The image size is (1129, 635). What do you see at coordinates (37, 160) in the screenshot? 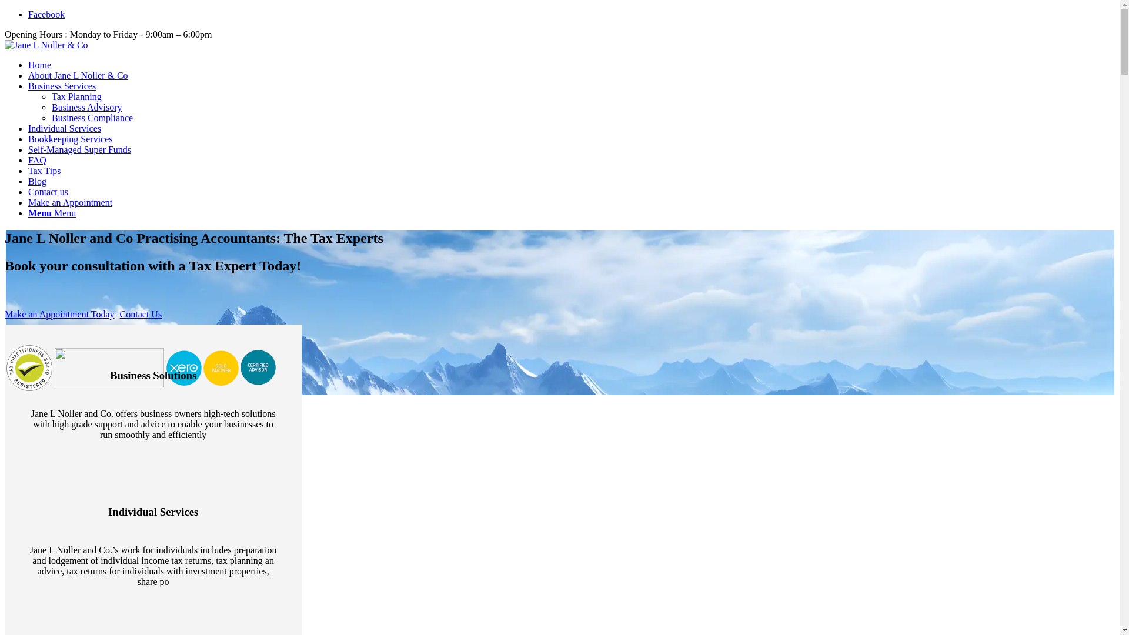
I see `'FAQ'` at bounding box center [37, 160].